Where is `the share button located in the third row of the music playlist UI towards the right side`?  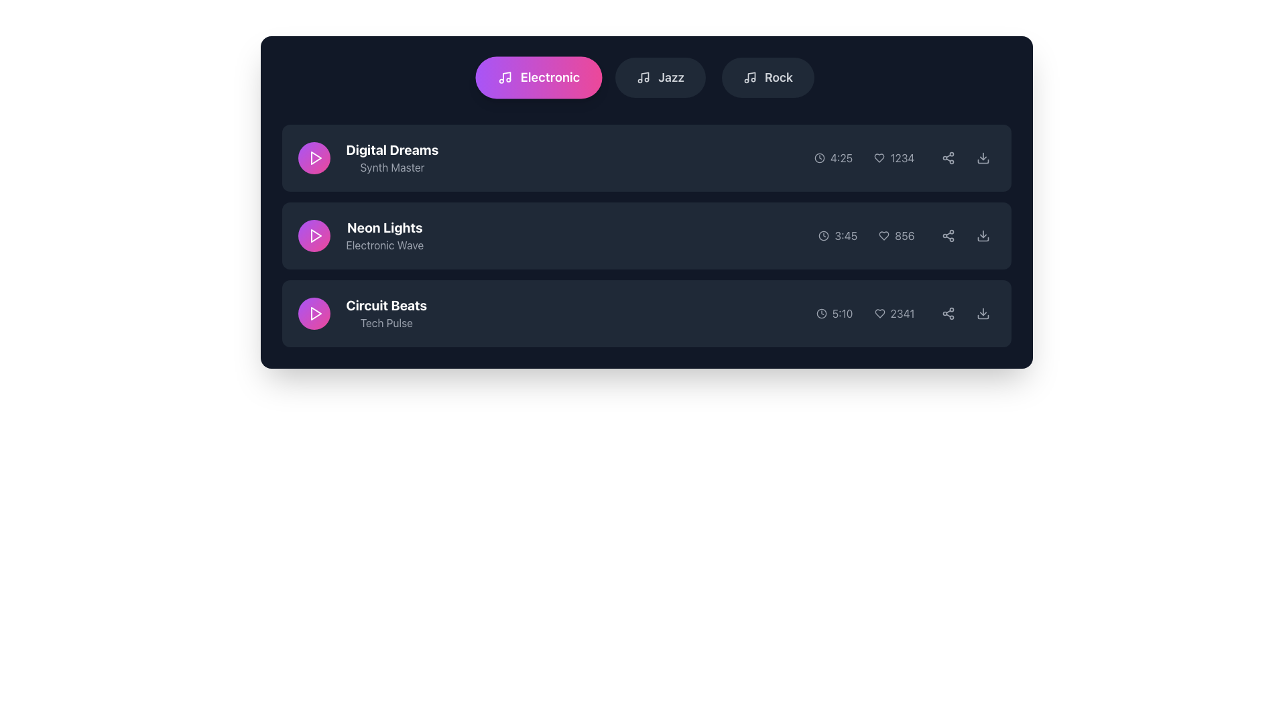
the share button located in the third row of the music playlist UI towards the right side is located at coordinates (947, 313).